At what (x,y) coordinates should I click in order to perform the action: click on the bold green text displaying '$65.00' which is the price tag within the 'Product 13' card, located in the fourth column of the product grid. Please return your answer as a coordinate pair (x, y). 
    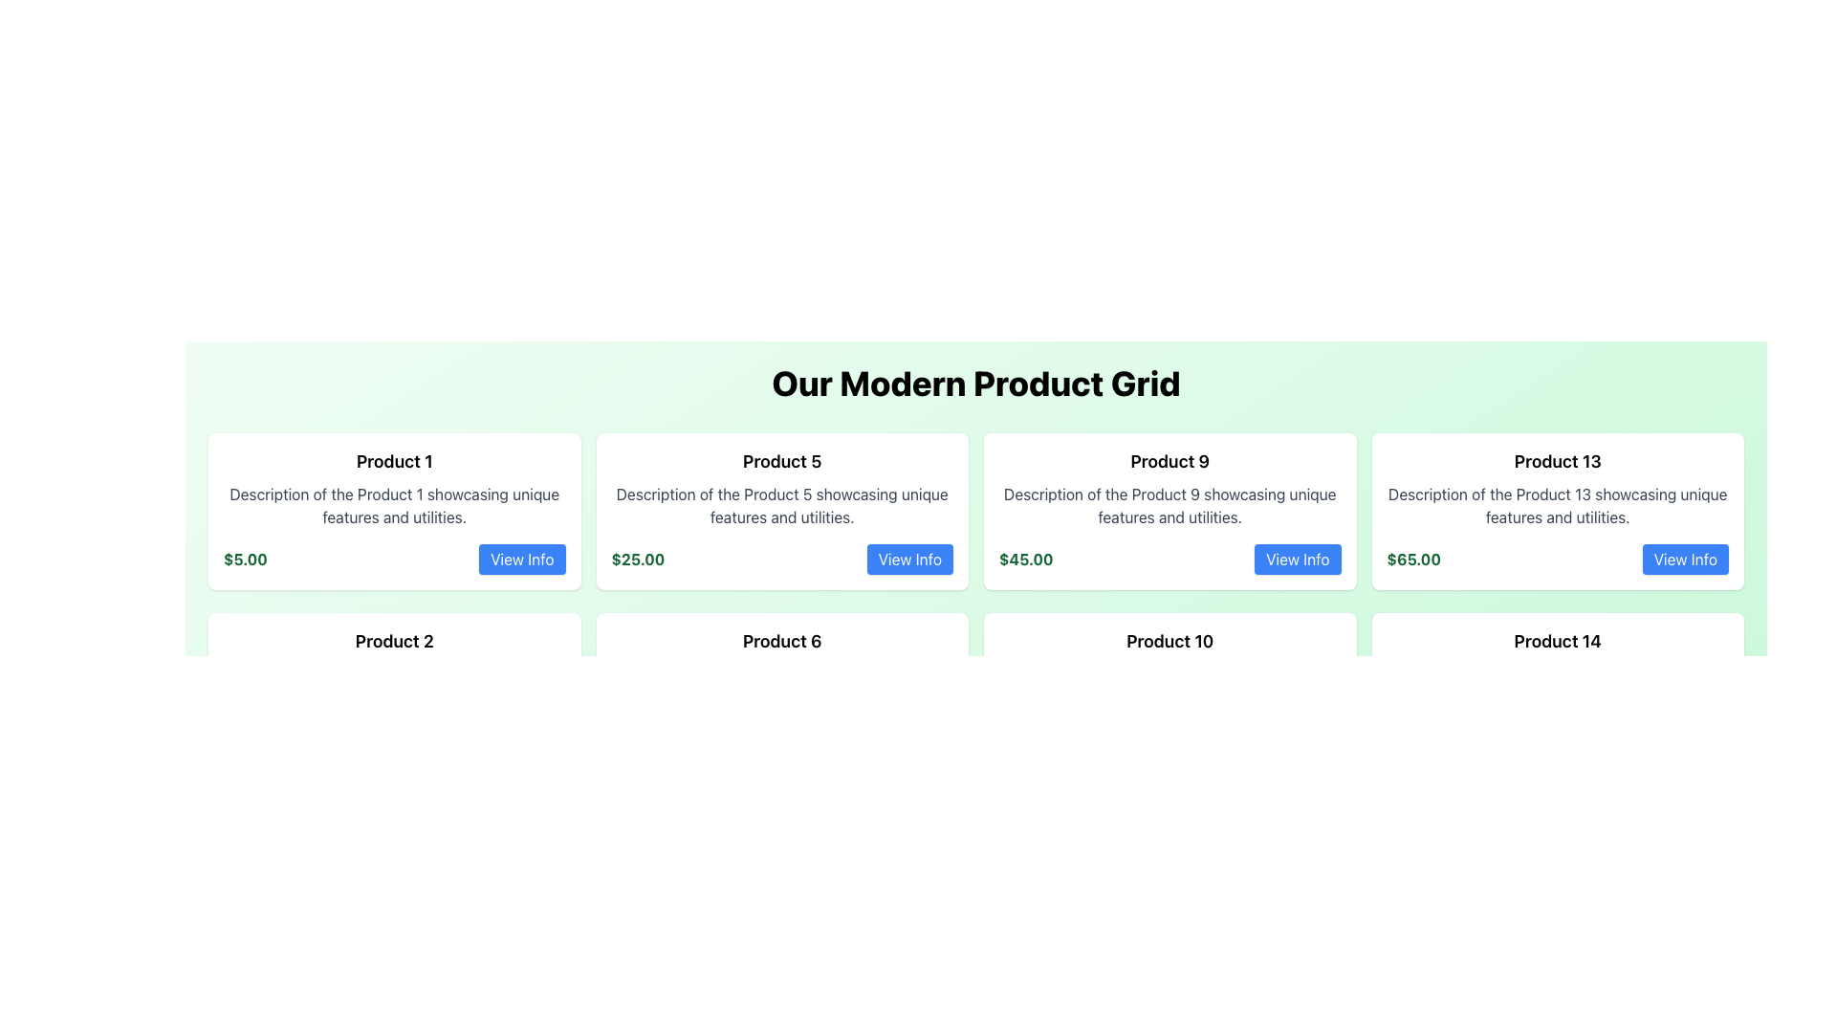
    Looking at the image, I should click on (1413, 560).